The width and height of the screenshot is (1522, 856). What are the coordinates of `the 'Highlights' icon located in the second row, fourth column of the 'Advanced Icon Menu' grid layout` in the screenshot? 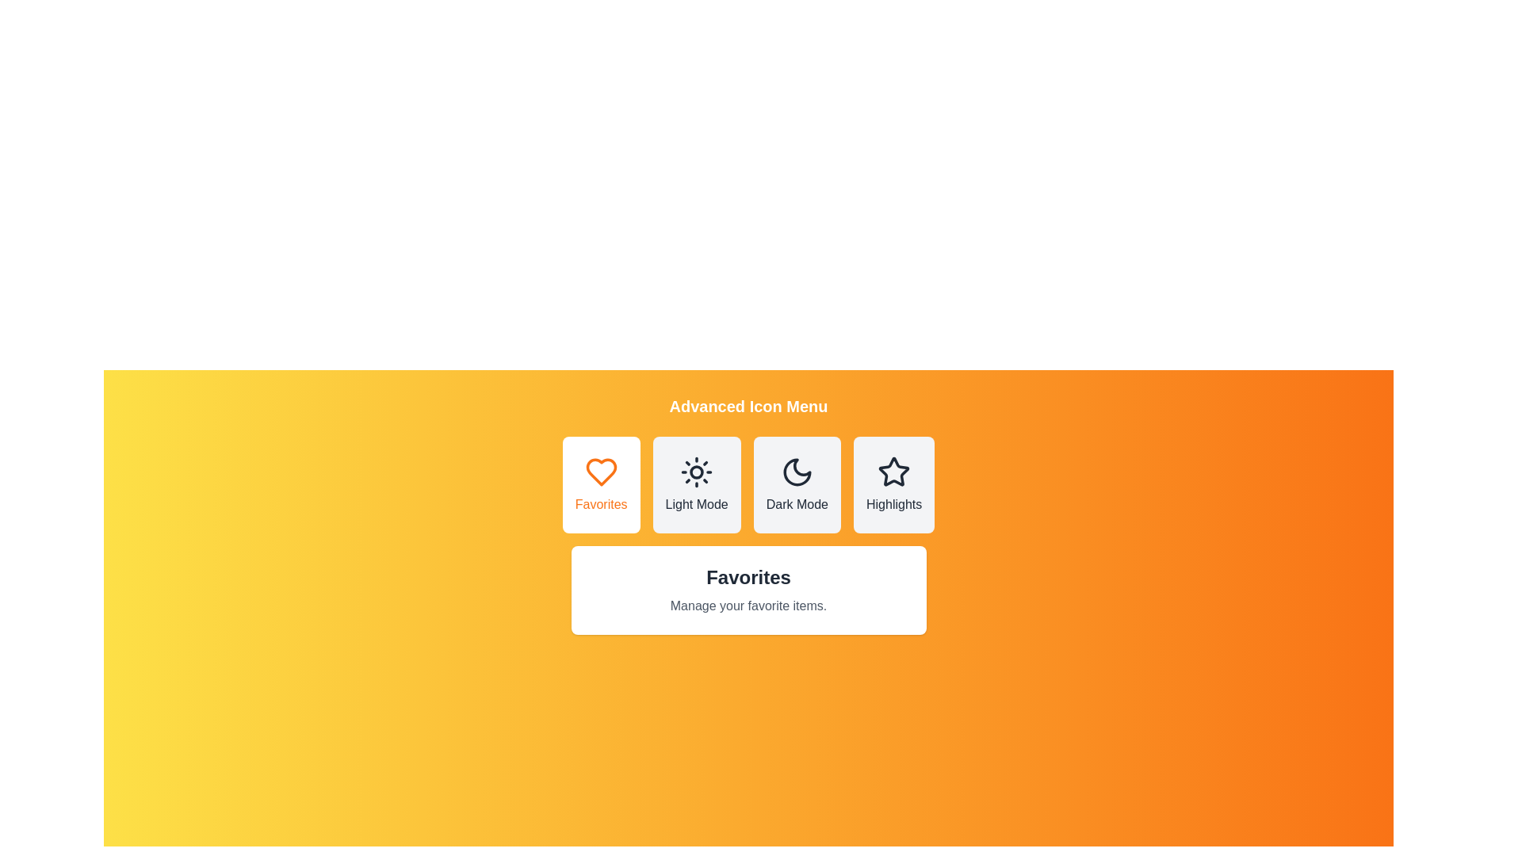 It's located at (894, 471).